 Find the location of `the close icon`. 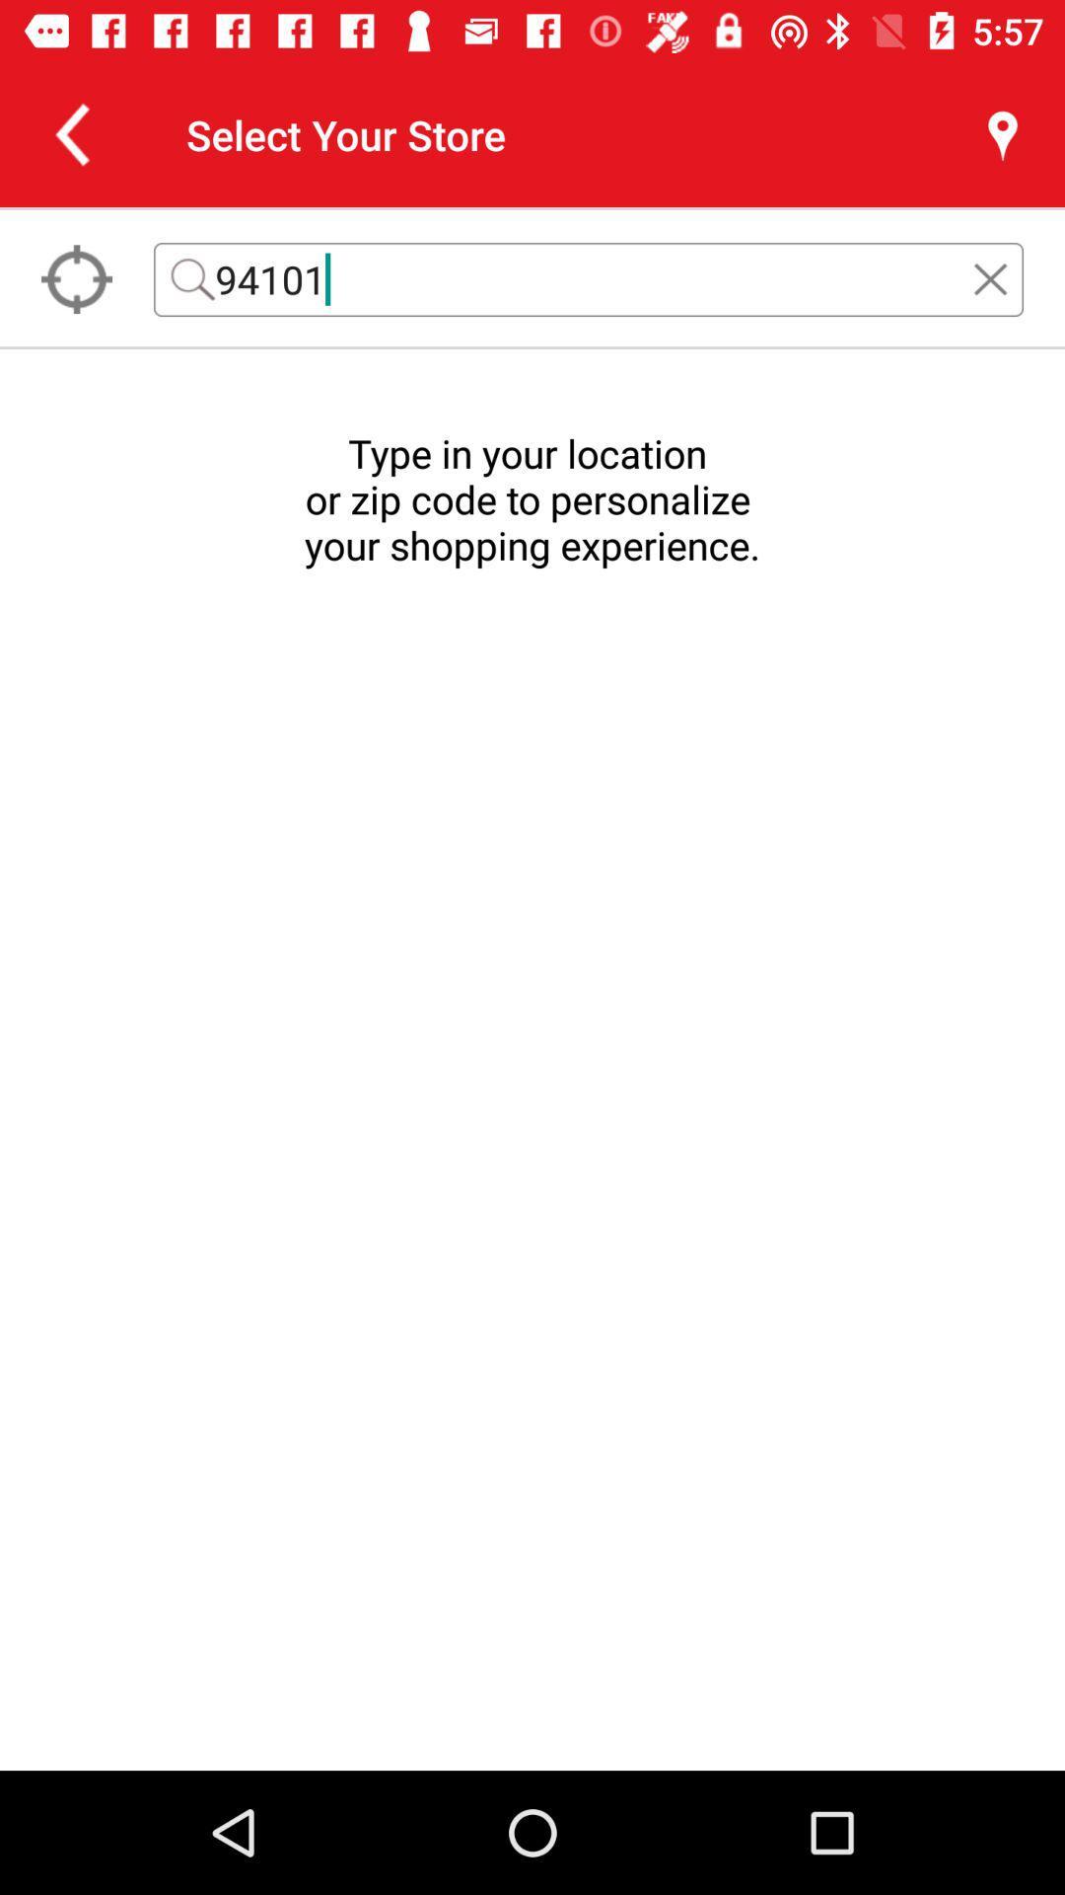

the close icon is located at coordinates (990, 278).